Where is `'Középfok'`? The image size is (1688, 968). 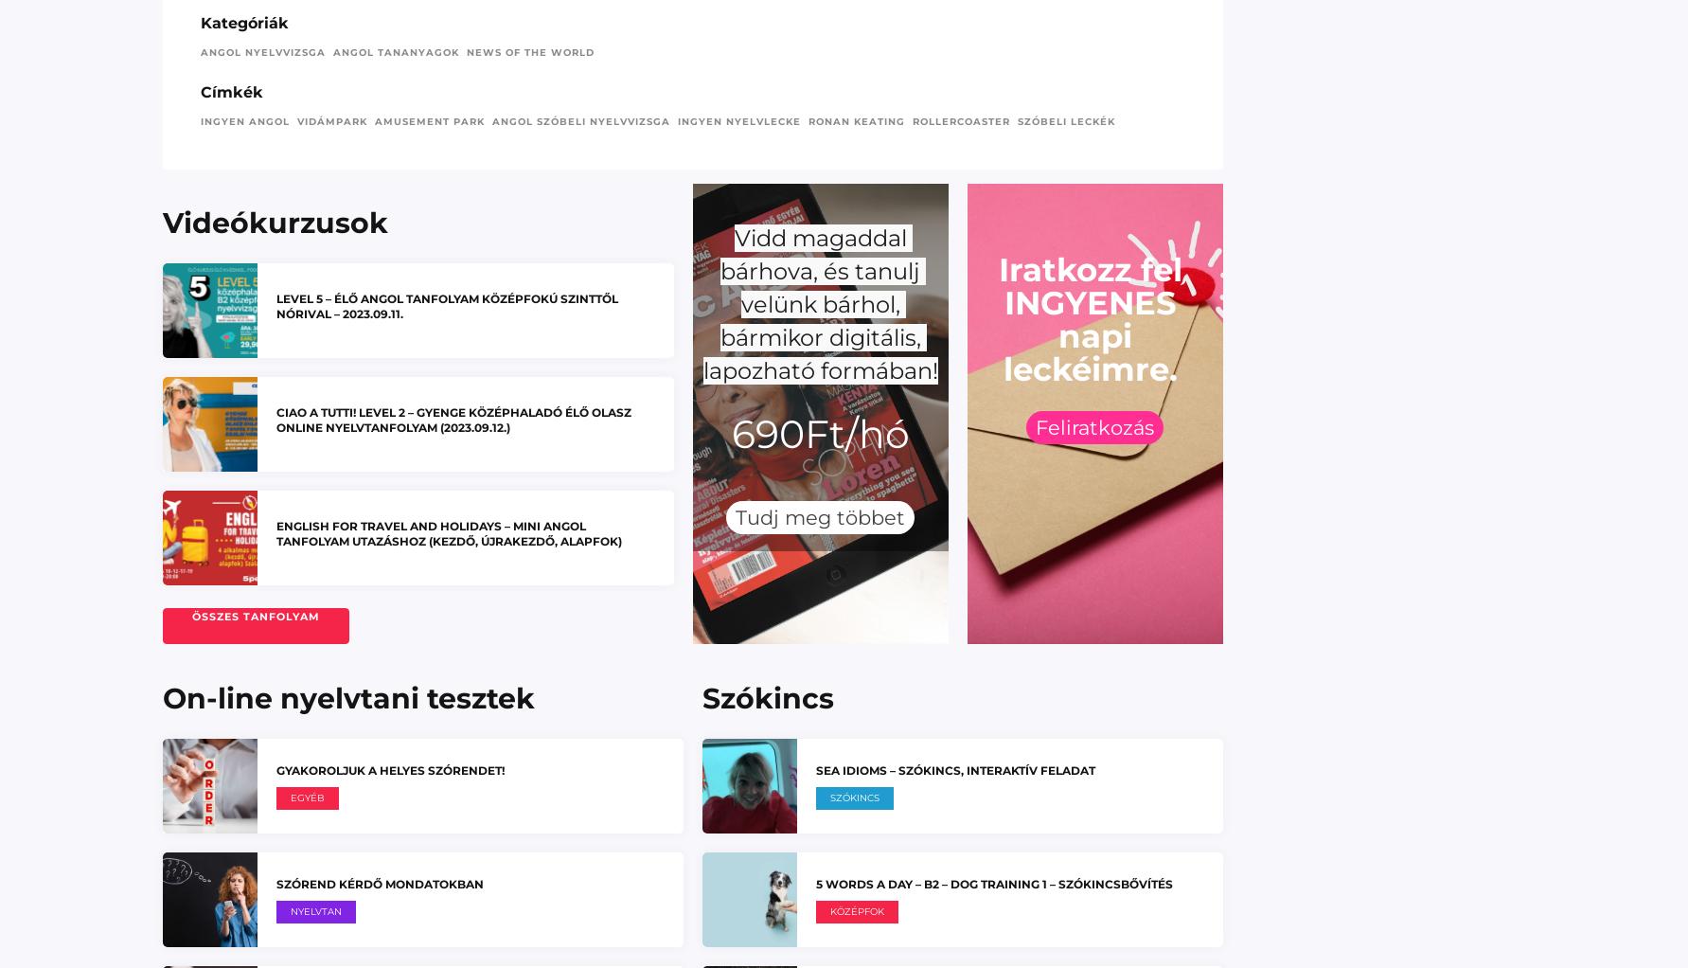 'Középfok' is located at coordinates (855, 910).